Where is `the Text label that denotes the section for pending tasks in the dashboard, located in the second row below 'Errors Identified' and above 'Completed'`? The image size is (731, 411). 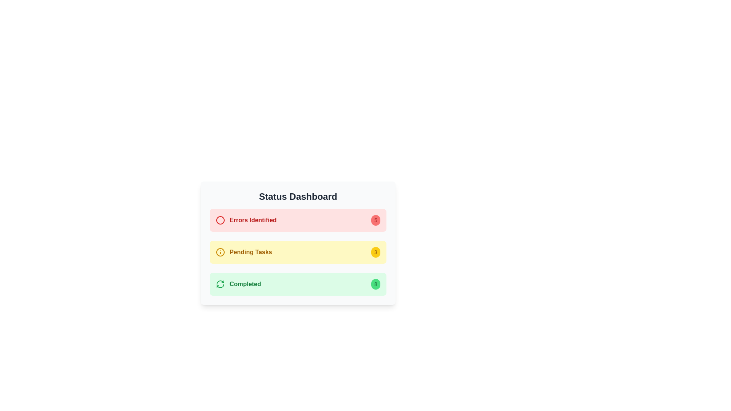 the Text label that denotes the section for pending tasks in the dashboard, located in the second row below 'Errors Identified' and above 'Completed' is located at coordinates (251, 252).